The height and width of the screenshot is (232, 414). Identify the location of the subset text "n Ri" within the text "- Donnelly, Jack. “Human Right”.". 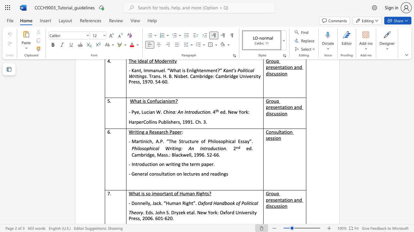
(178, 203).